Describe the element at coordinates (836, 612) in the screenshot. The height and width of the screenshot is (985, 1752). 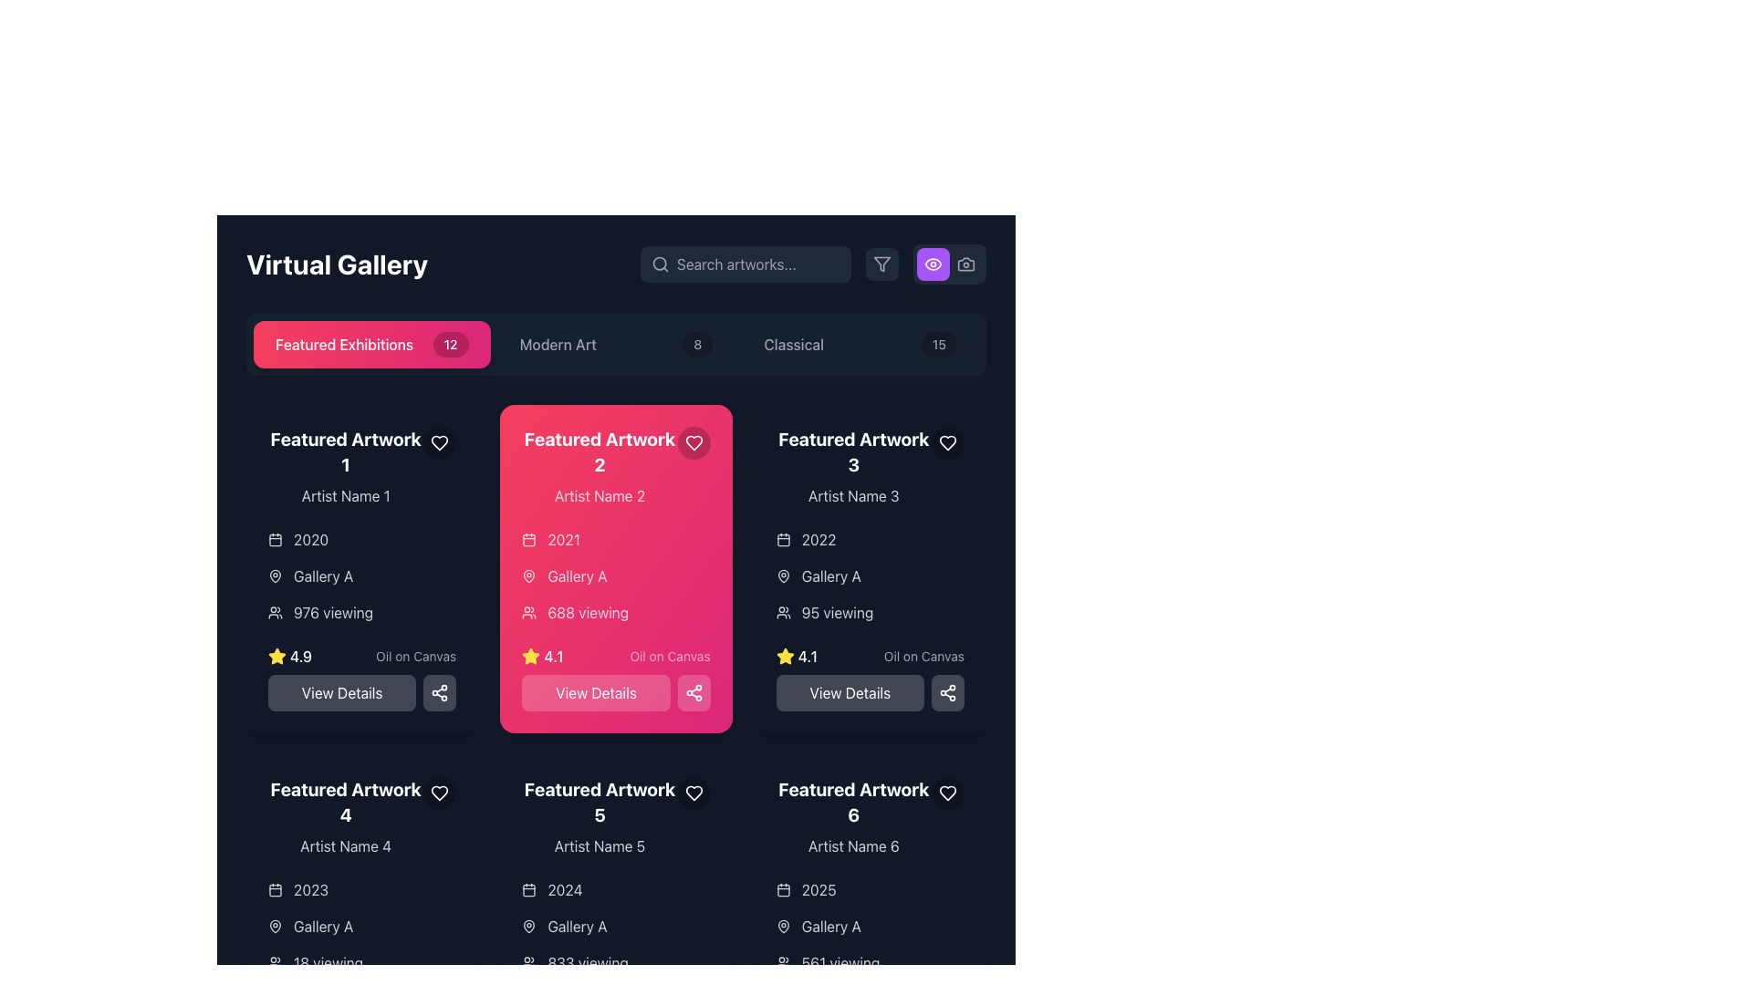
I see `text label element displaying '95 viewing' located within the 'Featured Artwork 3' card, positioned just above the rating section` at that location.